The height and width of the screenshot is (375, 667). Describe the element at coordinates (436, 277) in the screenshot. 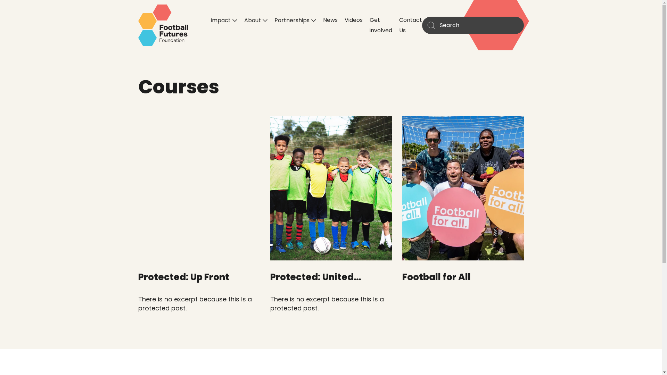

I see `'Football for All'` at that location.